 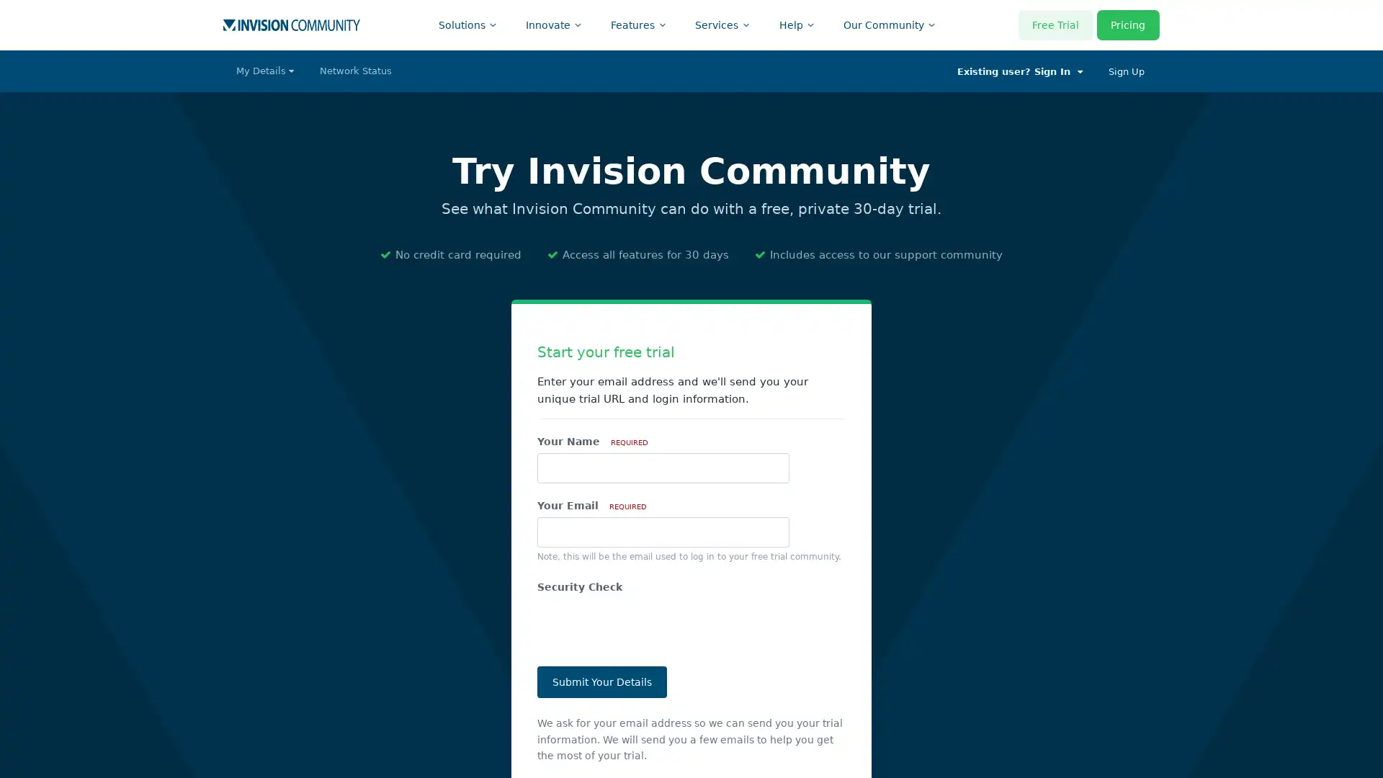 I want to click on Innovate, so click(x=552, y=24).